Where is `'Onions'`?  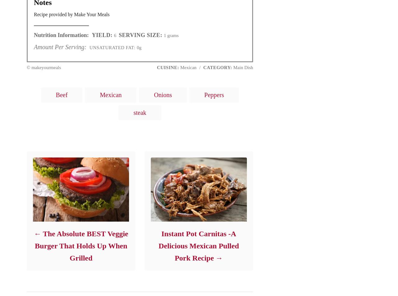 'Onions' is located at coordinates (163, 95).